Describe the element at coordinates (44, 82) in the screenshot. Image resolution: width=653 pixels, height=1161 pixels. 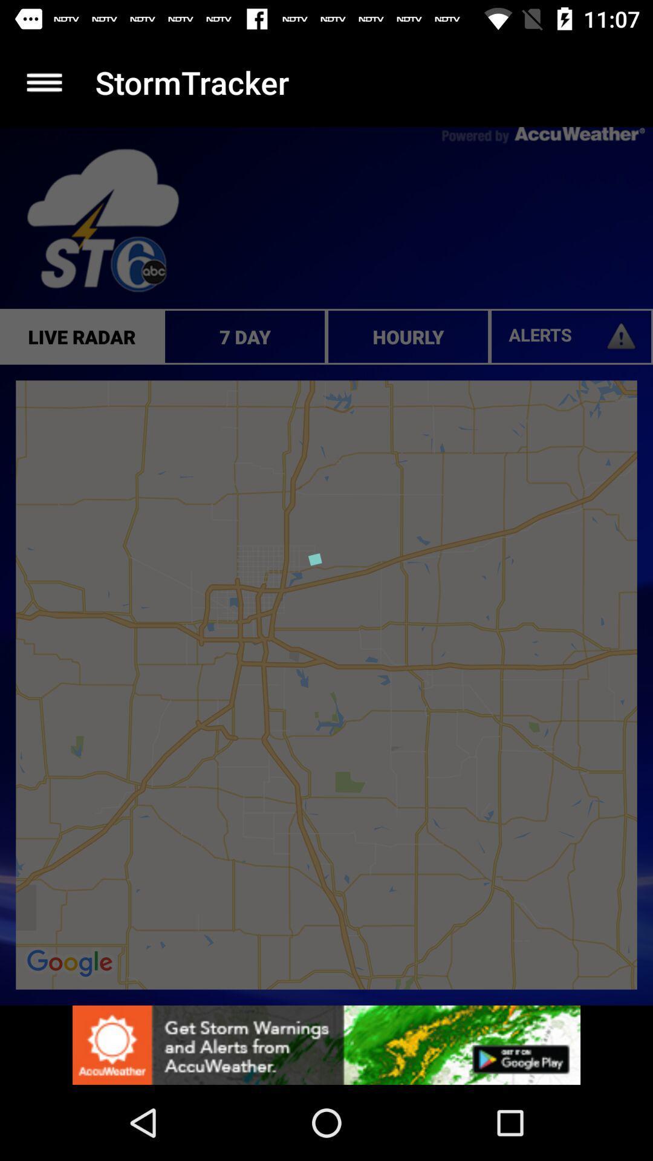
I see `the menu icon` at that location.